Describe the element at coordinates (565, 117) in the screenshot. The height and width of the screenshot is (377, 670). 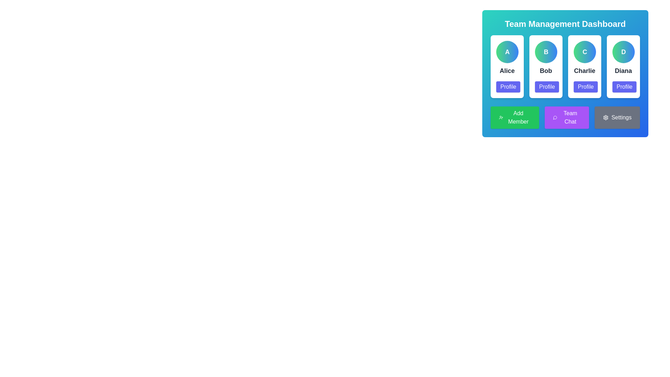
I see `the 'Team Chat' button, which is a rectangular button with a purple background and white text, located in the middle of three buttons on the 'Team Management Dashboard.'` at that location.